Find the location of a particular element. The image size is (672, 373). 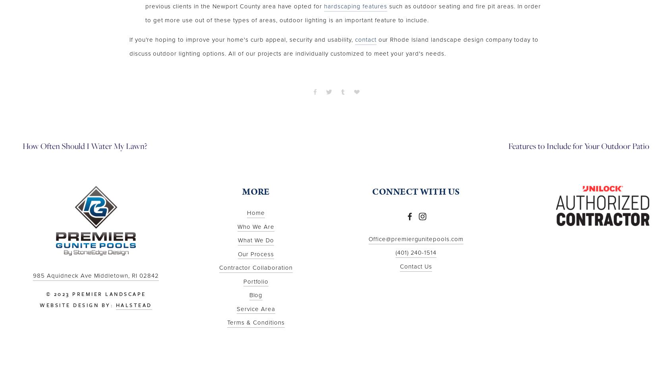

'985 Aquidneck Ave Middletown, RI 02842' is located at coordinates (95, 274).